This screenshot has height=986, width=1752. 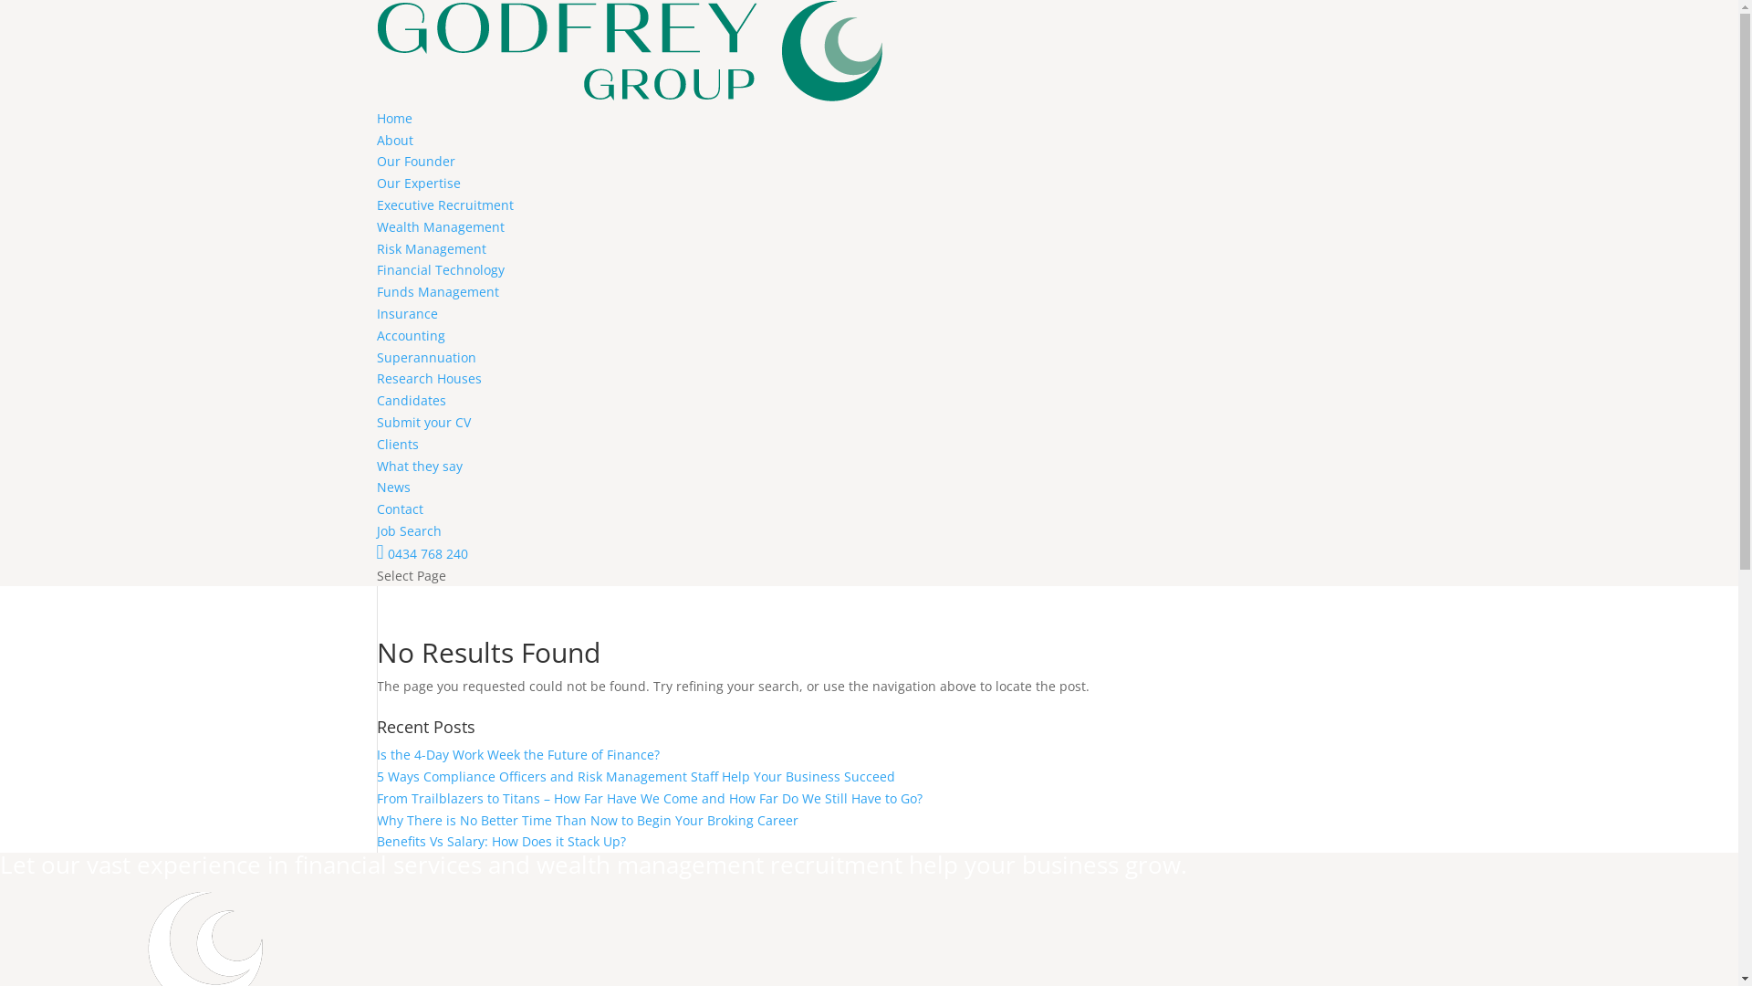 What do you see at coordinates (375, 530) in the screenshot?
I see `'Job Search'` at bounding box center [375, 530].